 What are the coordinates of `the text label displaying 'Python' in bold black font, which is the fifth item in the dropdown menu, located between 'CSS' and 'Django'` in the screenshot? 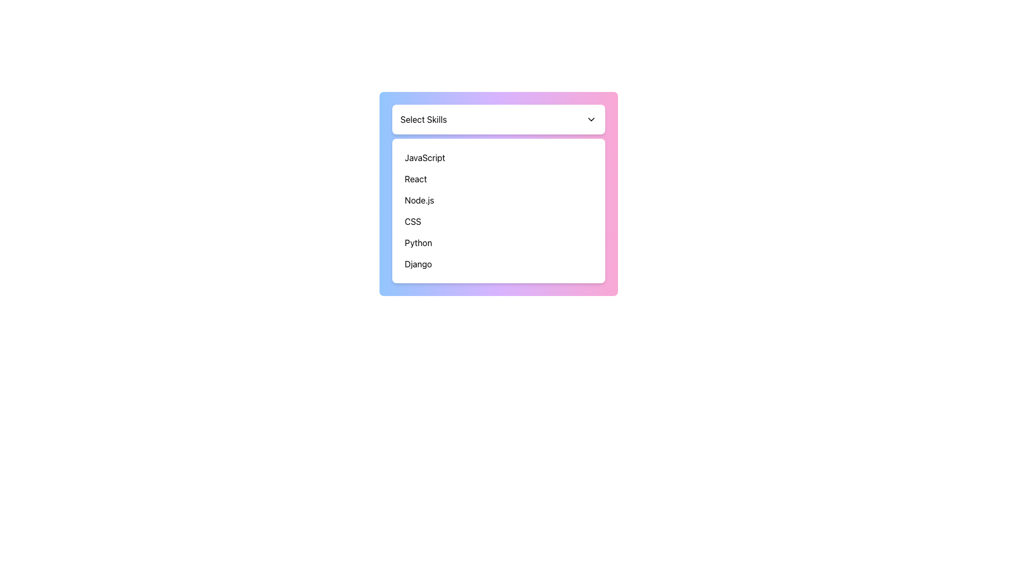 It's located at (418, 242).